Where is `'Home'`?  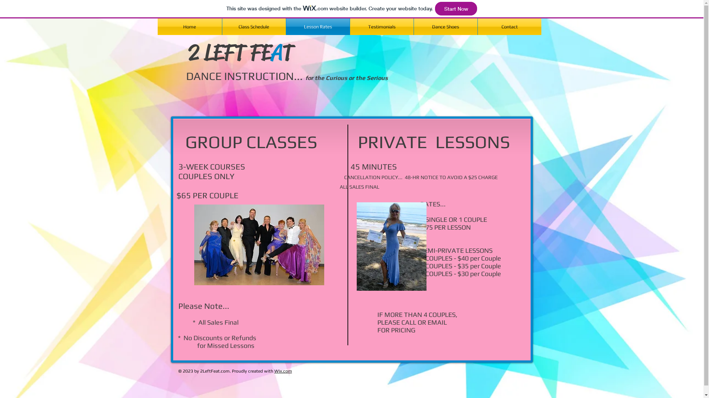 'Home' is located at coordinates (157, 26).